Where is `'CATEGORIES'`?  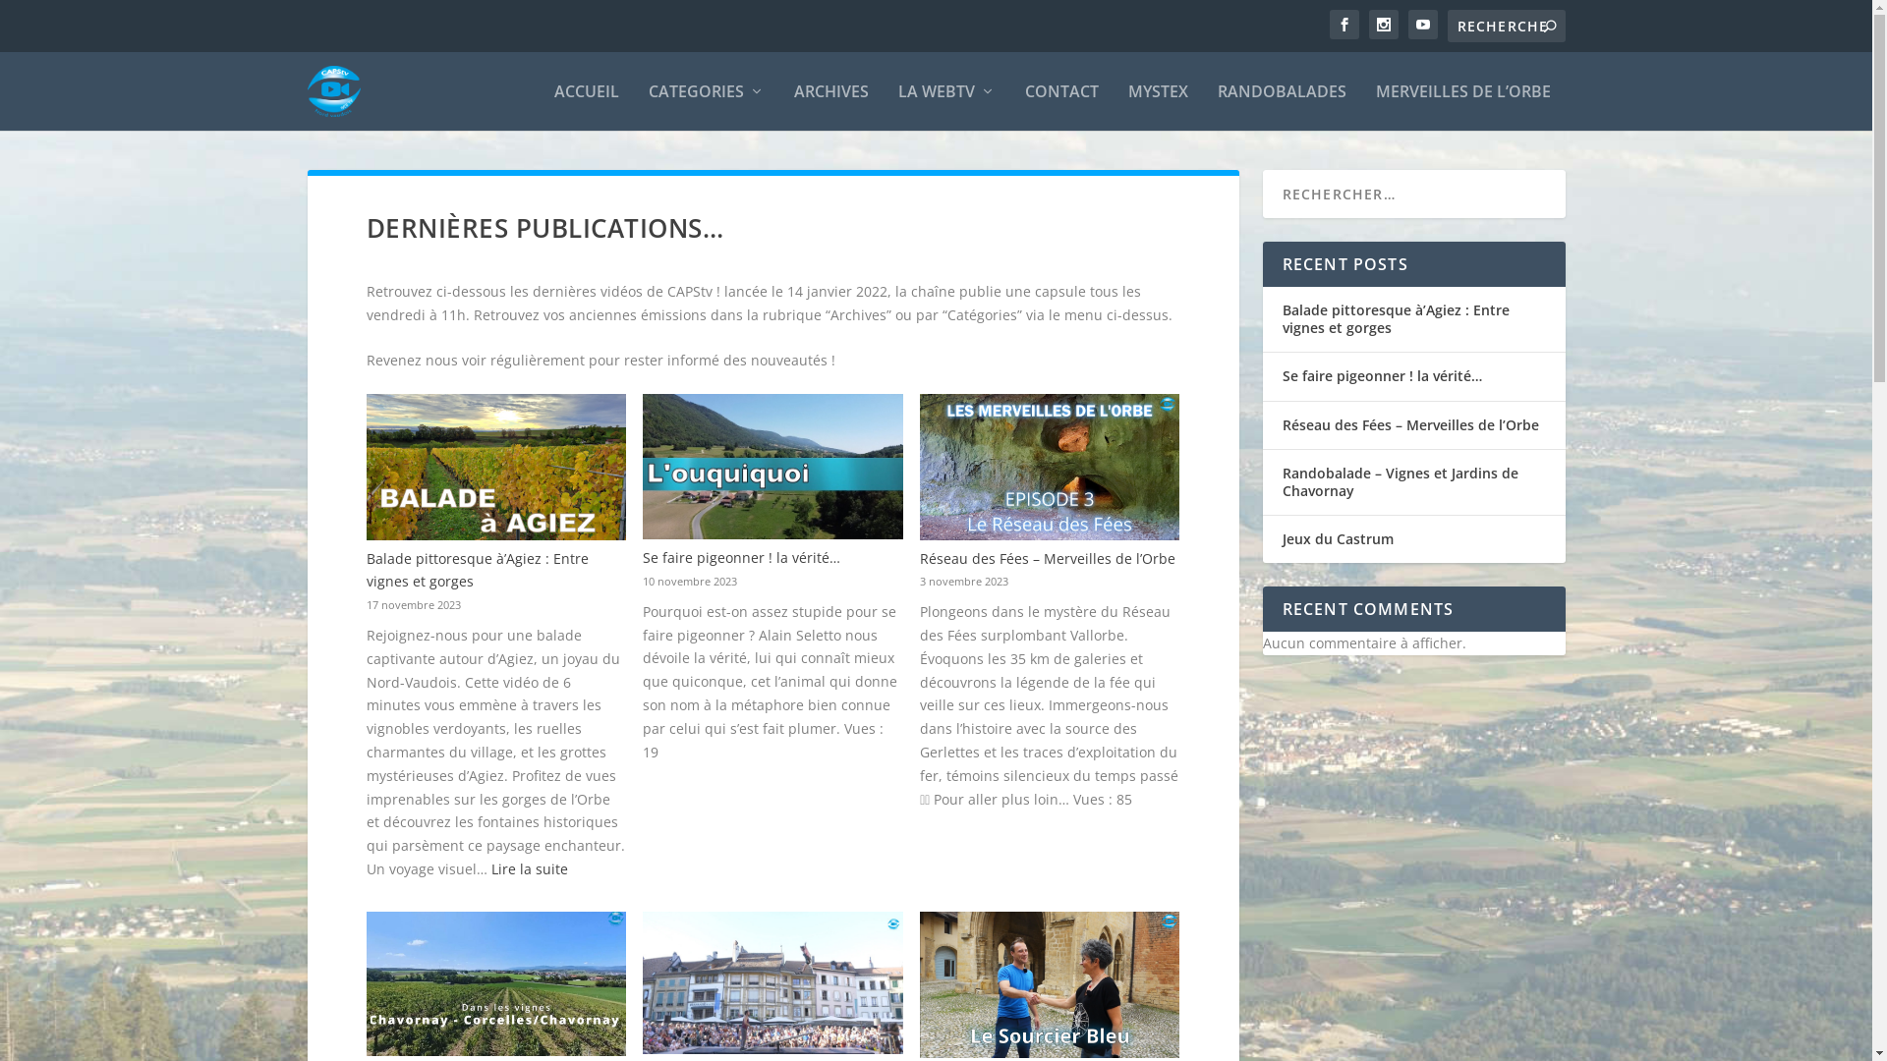 'CATEGORIES' is located at coordinates (707, 106).